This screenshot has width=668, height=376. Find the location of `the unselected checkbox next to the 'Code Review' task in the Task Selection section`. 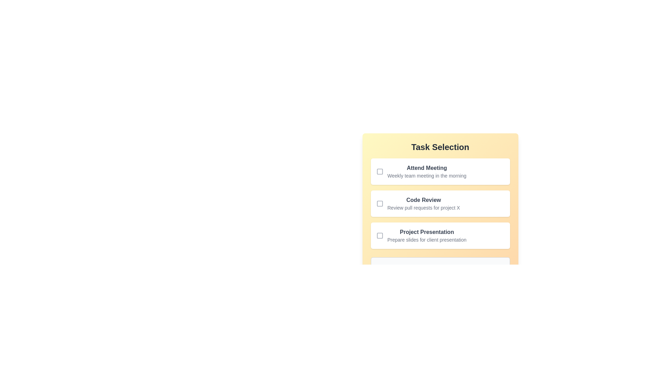

the unselected checkbox next to the 'Code Review' task in the Task Selection section is located at coordinates (440, 204).